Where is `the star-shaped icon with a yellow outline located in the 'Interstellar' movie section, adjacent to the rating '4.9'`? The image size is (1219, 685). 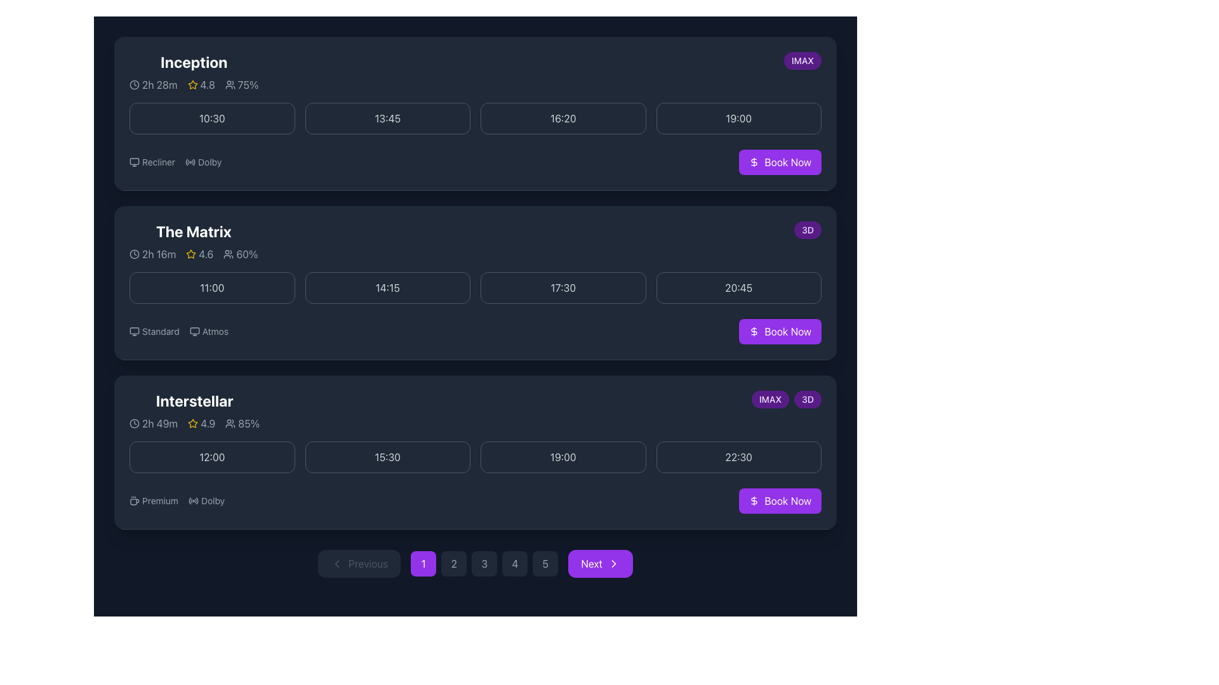 the star-shaped icon with a yellow outline located in the 'Interstellar' movie section, adjacent to the rating '4.9' is located at coordinates (192, 423).